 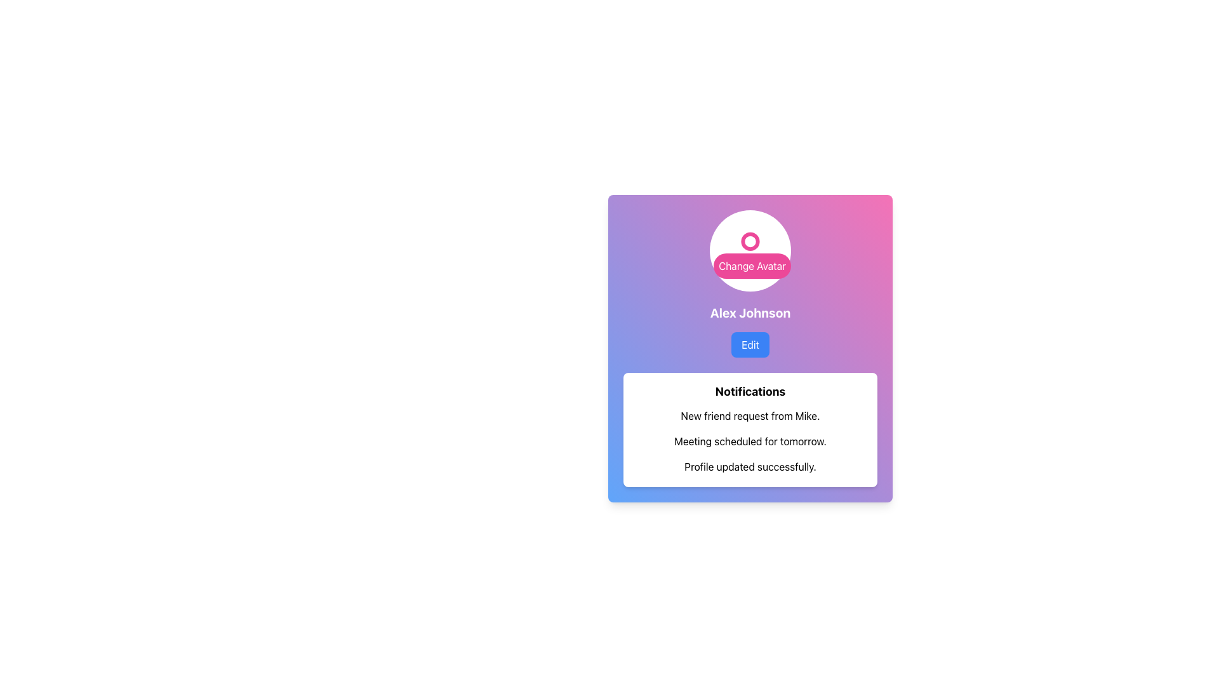 What do you see at coordinates (750, 391) in the screenshot?
I see `bold text label that says 'Notifications', which is styled in a larger font size and is positioned at the top of a rectangular card` at bounding box center [750, 391].